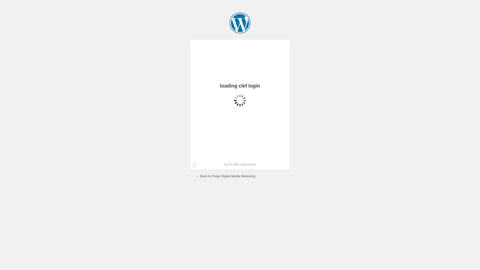 This screenshot has width=480, height=270. I want to click on 'Forge Digital Media Marketing', so click(240, 23).